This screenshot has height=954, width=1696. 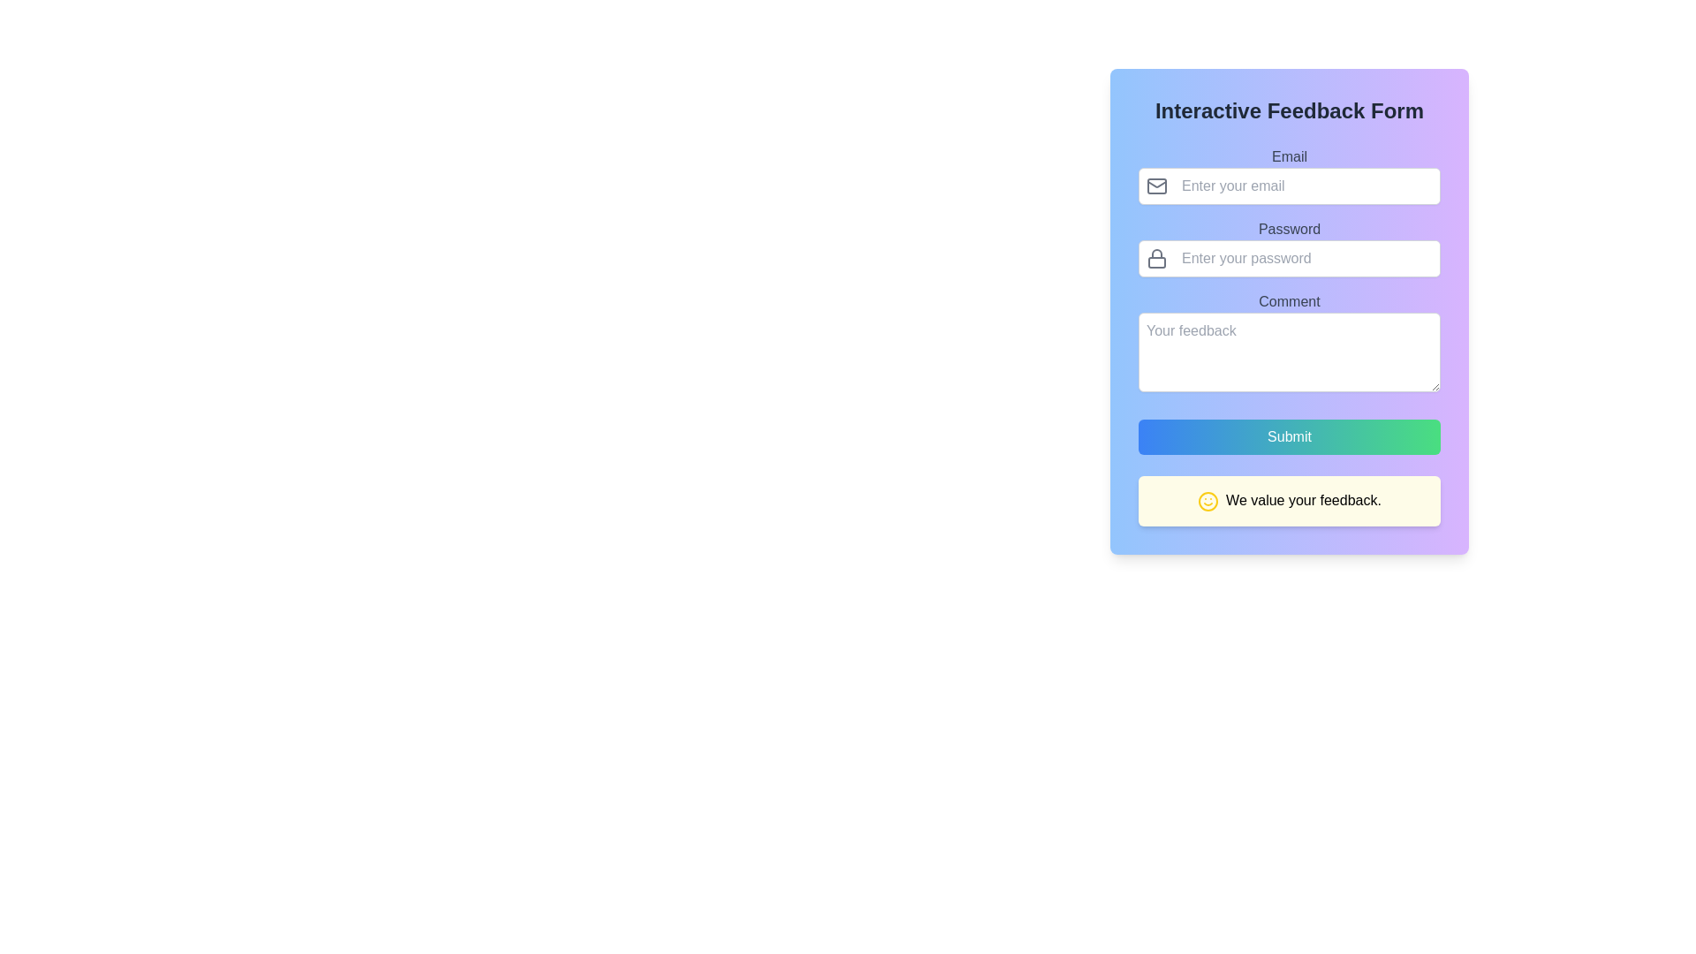 I want to click on the circular graphical element with a yellow outline located inside the smiley face icon, which is to the left of the text label 'We value your feedback.', so click(x=1208, y=501).